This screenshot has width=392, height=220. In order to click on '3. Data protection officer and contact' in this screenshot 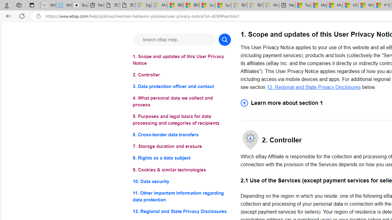, I will do `click(181, 86)`.